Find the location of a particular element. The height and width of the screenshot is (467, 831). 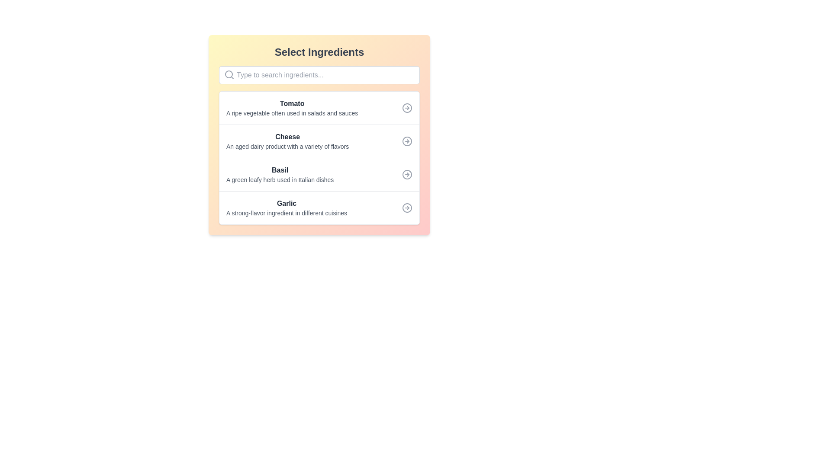

the navigation icon located on the far right side of the row corresponding to 'Garlic' is located at coordinates (406, 208).